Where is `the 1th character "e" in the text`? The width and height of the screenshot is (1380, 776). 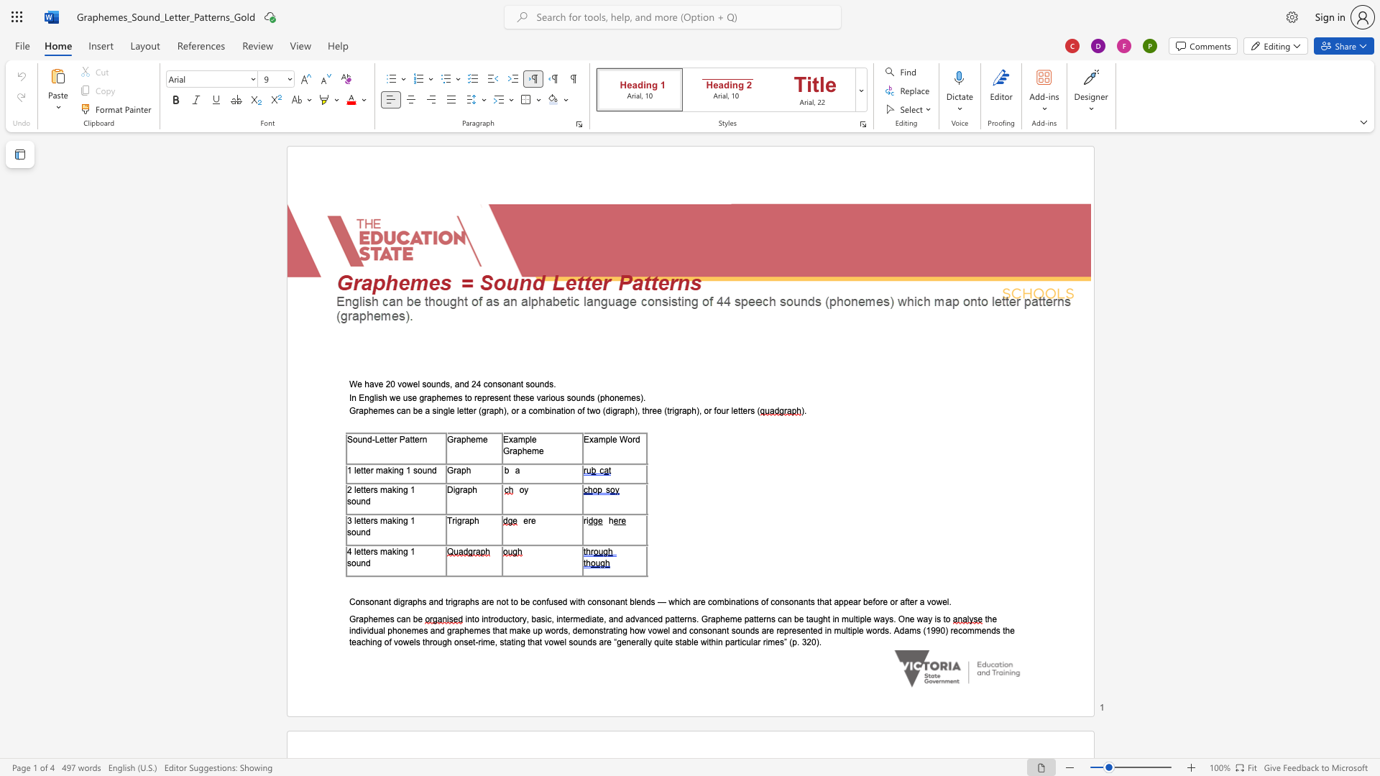
the 1th character "e" in the text is located at coordinates (398, 397).